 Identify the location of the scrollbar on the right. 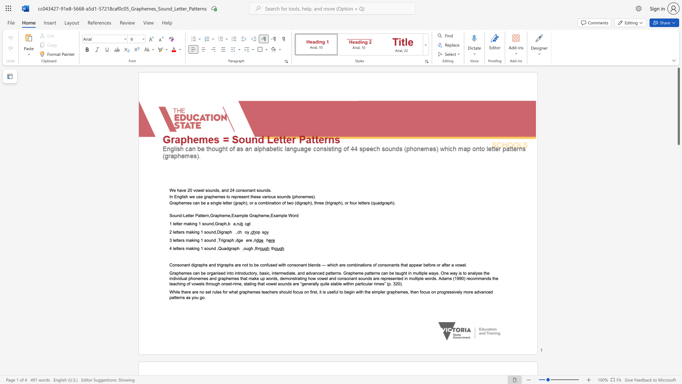
(678, 292).